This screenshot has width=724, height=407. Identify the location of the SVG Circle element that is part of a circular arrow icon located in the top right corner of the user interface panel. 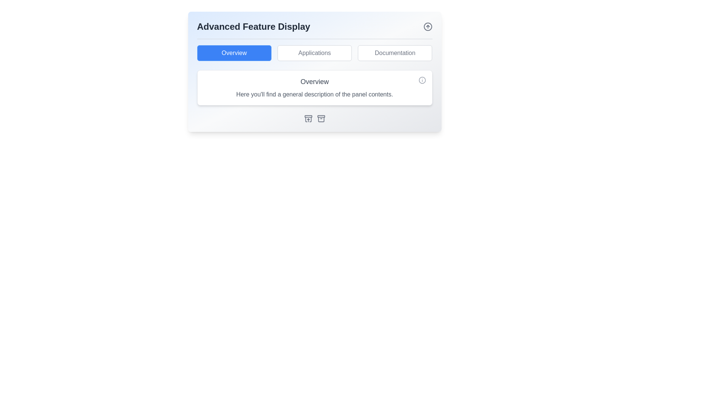
(428, 26).